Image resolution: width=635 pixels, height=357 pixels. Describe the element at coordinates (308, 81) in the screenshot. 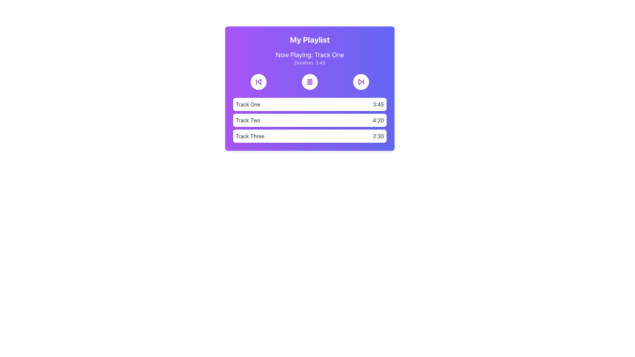

I see `the left vertical bar of the pause icon, which indicates the pause functionality in the media player interface` at that location.